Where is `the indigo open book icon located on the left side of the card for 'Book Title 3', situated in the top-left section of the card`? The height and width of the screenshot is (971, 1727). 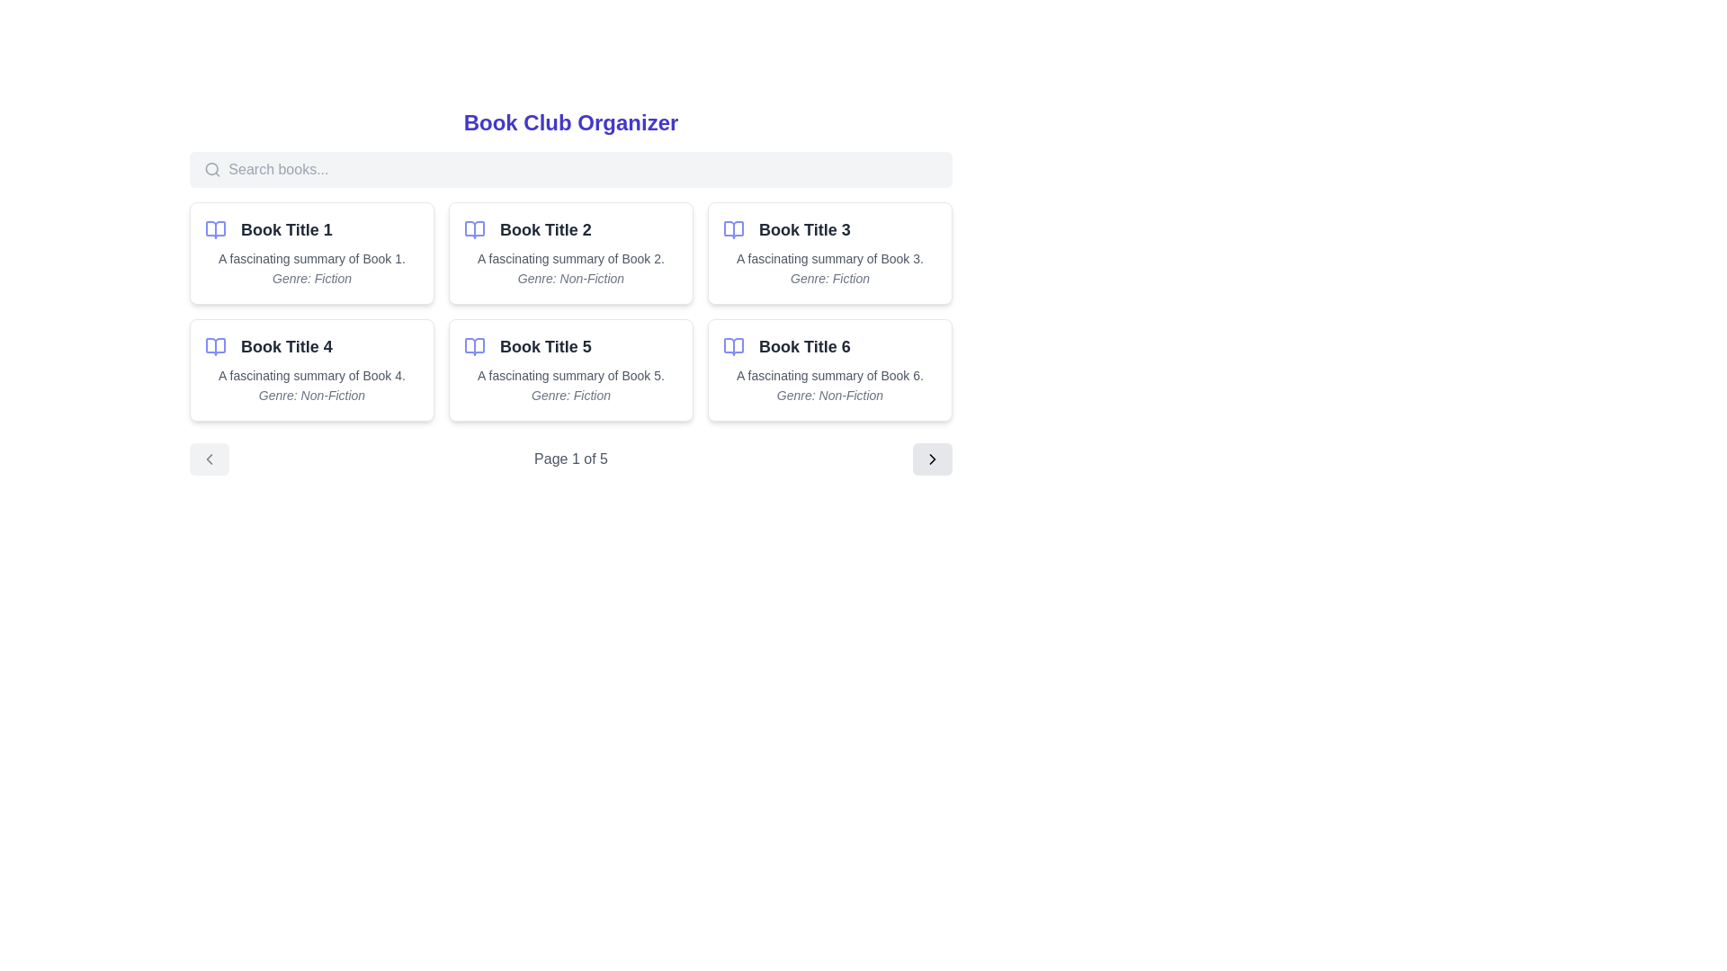
the indigo open book icon located on the left side of the card for 'Book Title 3', situated in the top-left section of the card is located at coordinates (734, 228).